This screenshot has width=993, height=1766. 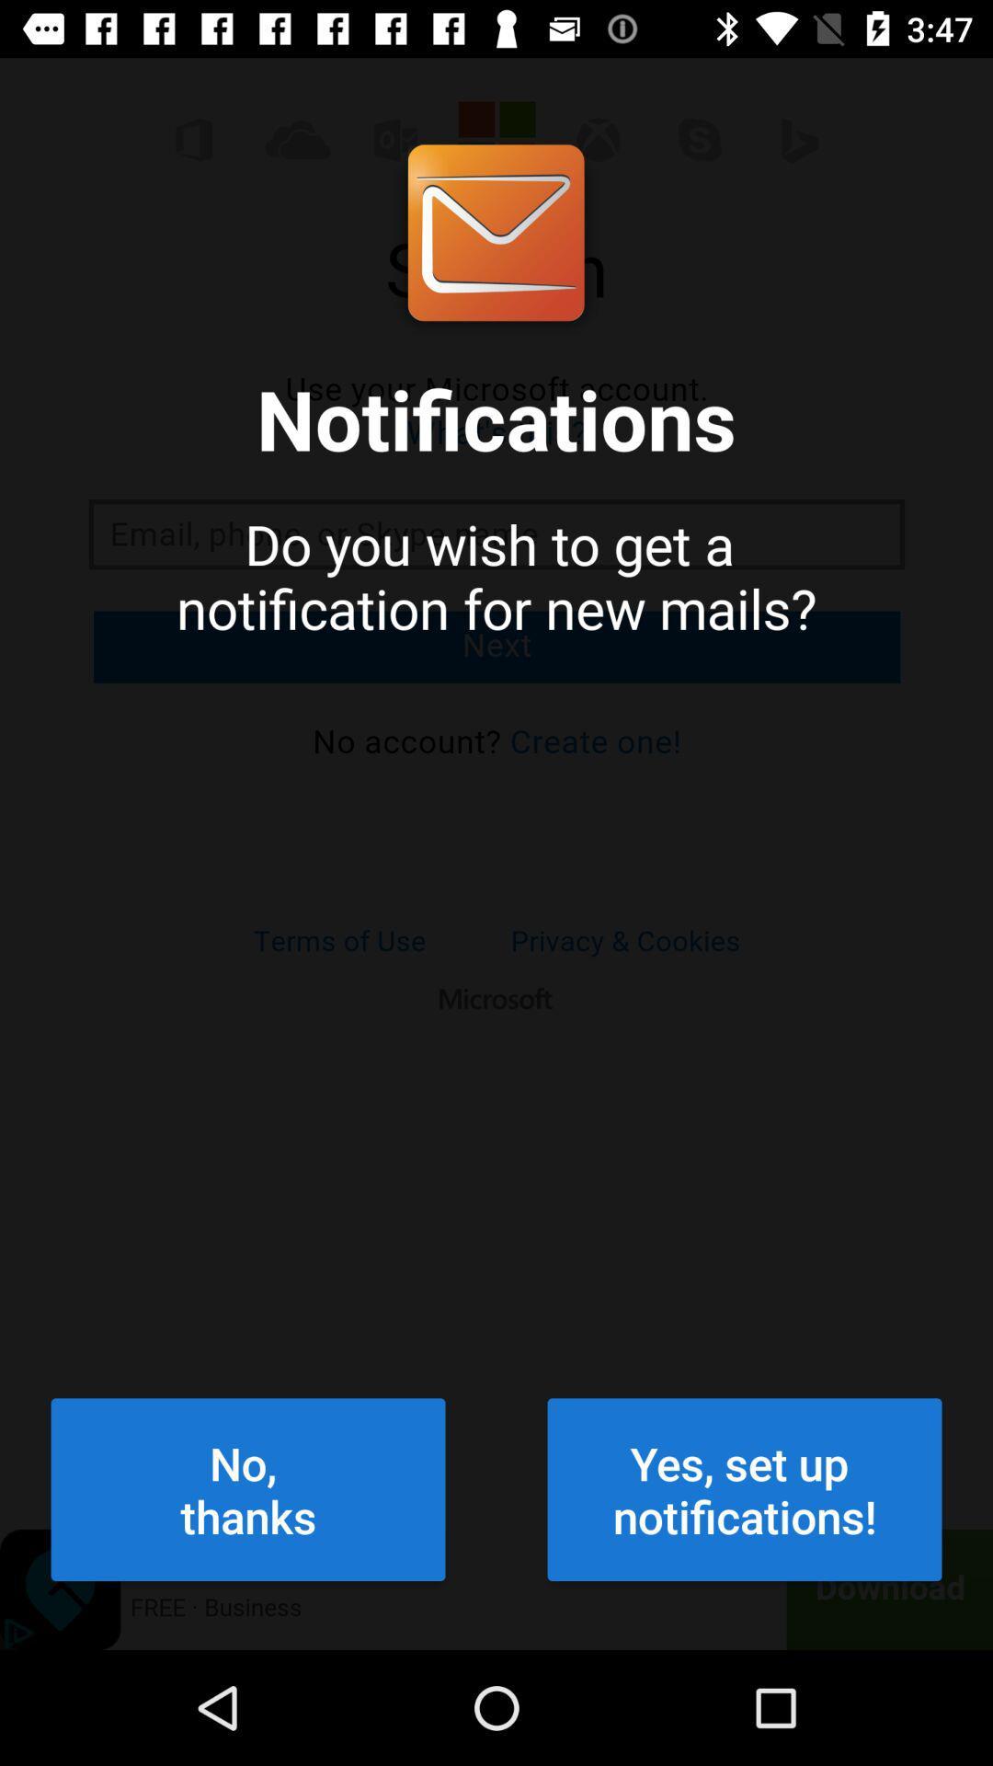 What do you see at coordinates (745, 1489) in the screenshot?
I see `item below do you wish app` at bounding box center [745, 1489].